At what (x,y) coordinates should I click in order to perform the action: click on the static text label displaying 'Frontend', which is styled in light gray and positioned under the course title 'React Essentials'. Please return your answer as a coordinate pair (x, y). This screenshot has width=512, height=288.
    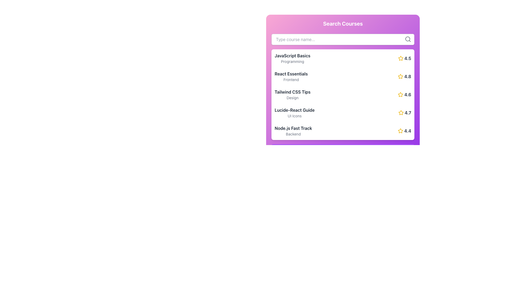
    Looking at the image, I should click on (291, 80).